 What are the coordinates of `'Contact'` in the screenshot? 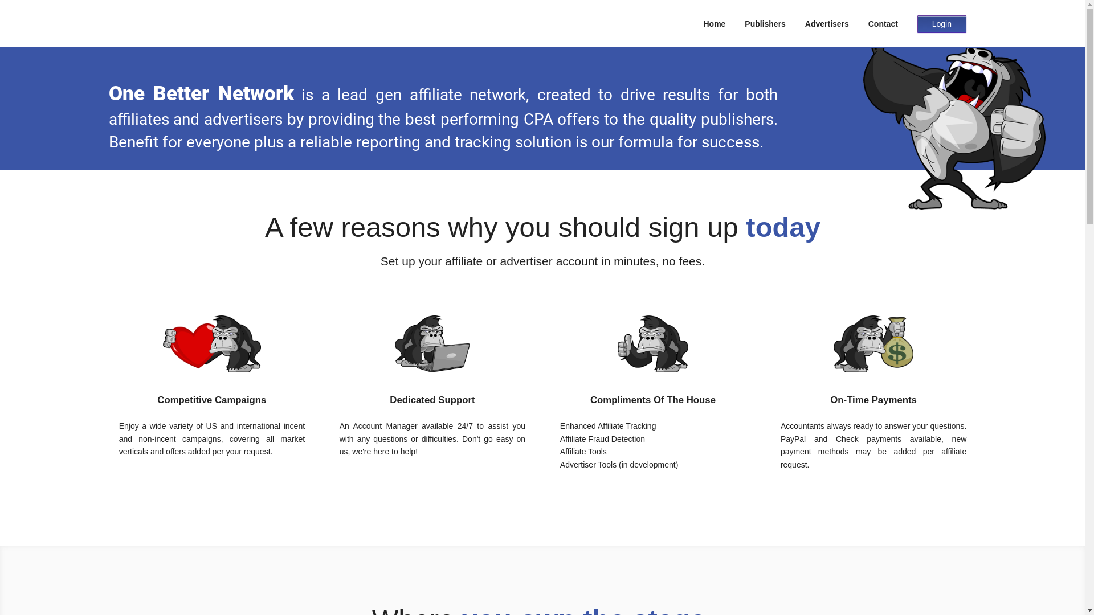 It's located at (867, 24).